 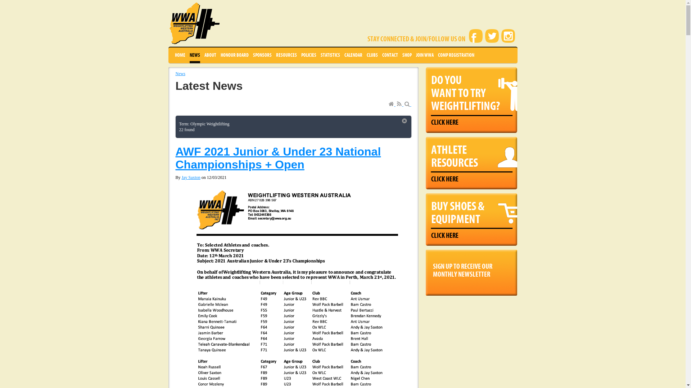 I want to click on 'Search', so click(x=404, y=104).